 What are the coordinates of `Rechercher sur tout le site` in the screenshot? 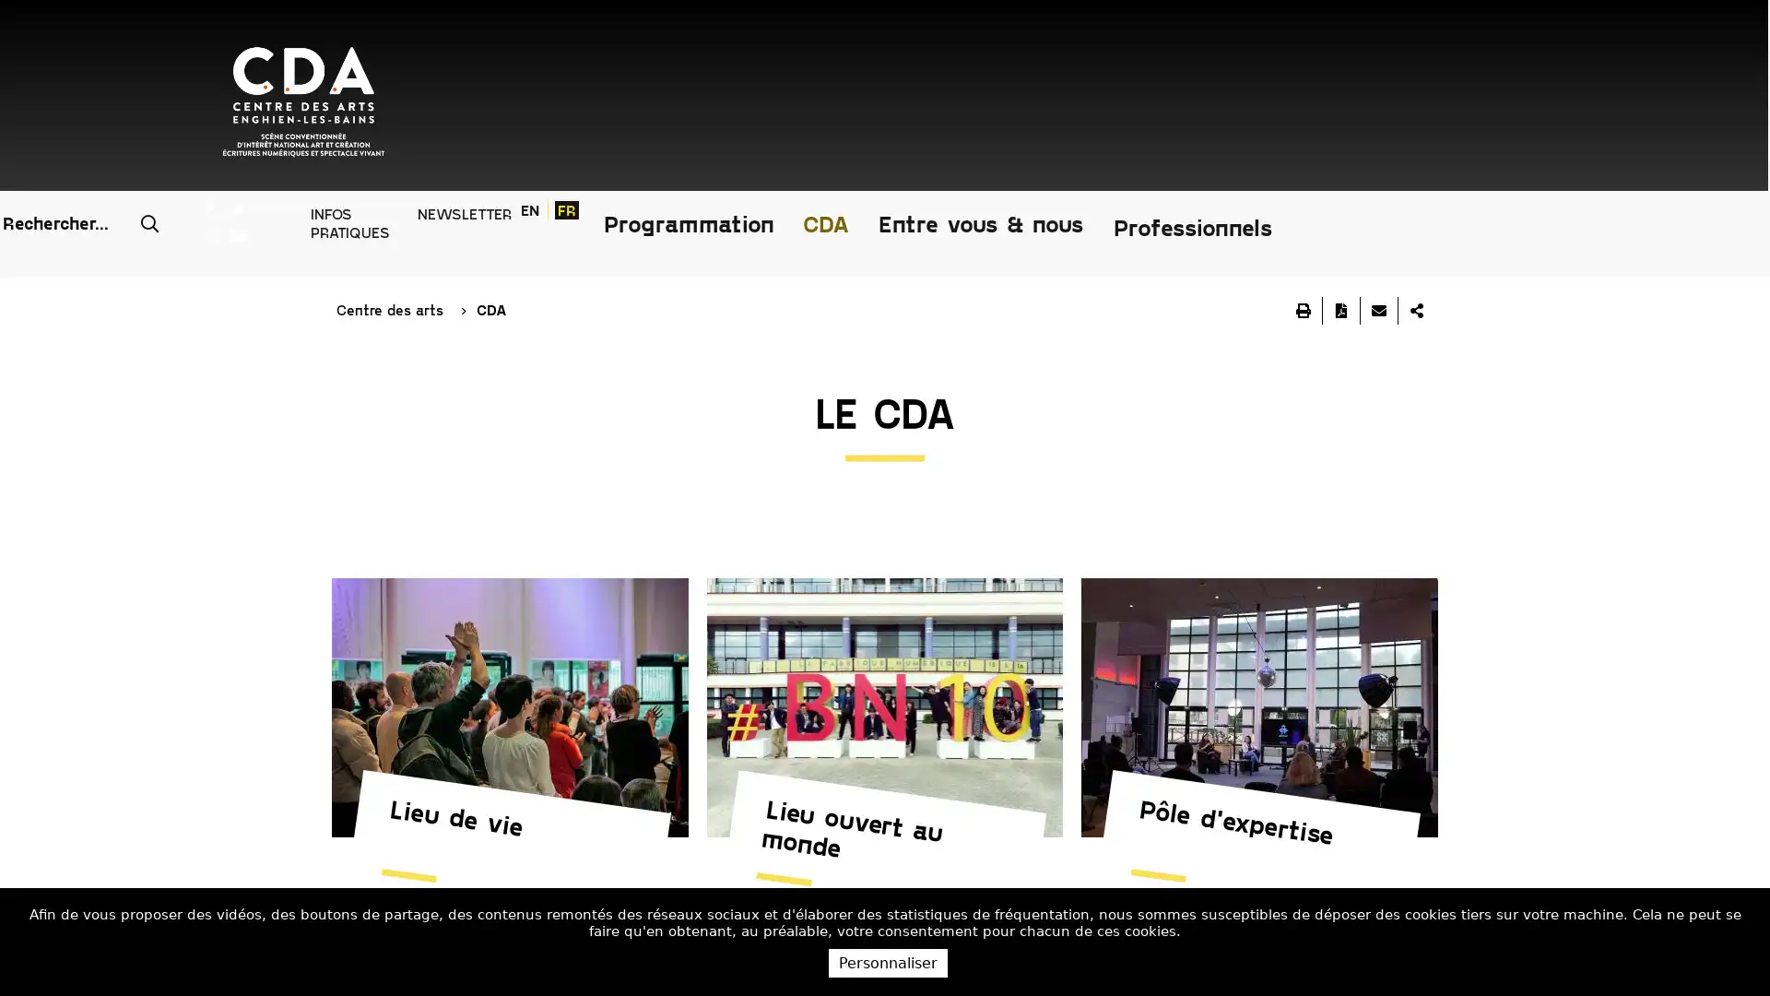 It's located at (933, 36).